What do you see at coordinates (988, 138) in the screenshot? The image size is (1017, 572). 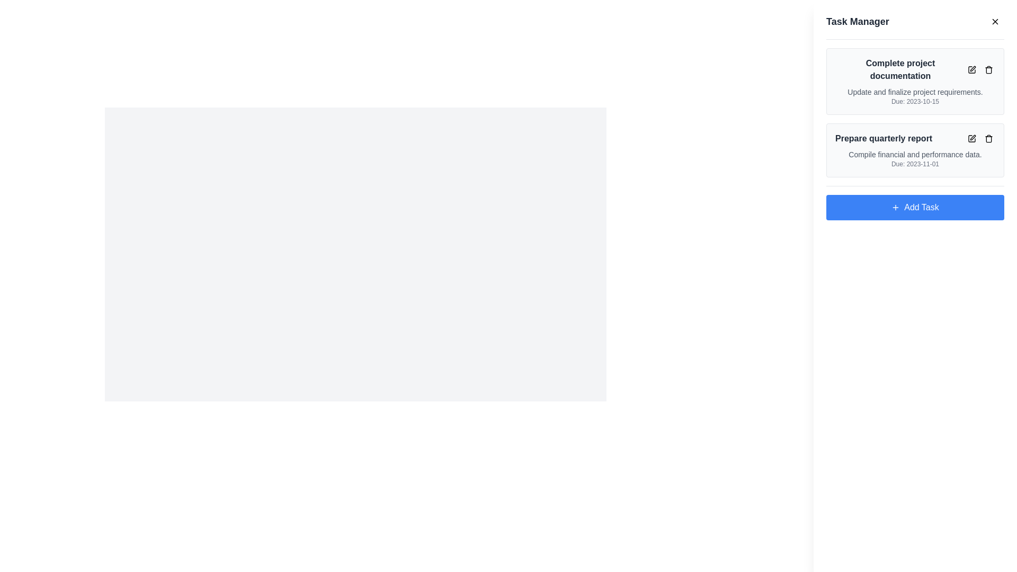 I see `the trash can icon button located at the top-right corner of the 'Prepare quarterly report' task entry` at bounding box center [988, 138].